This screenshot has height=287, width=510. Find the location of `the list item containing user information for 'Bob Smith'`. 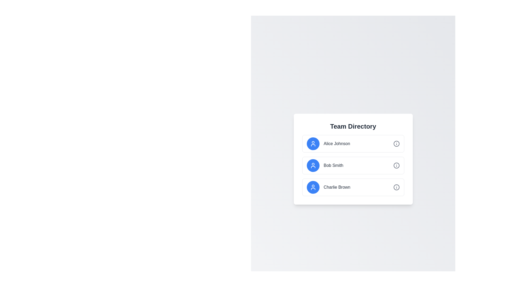

the list item containing user information for 'Bob Smith' is located at coordinates (353, 165).